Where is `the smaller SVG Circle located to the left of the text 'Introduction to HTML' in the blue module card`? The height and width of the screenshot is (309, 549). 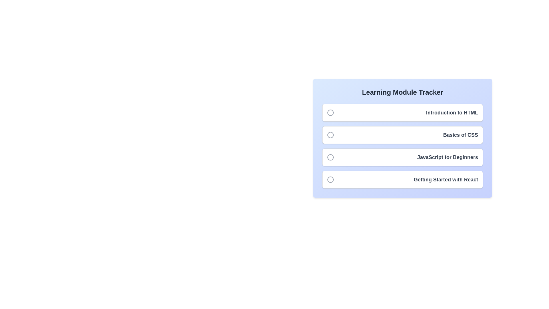
the smaller SVG Circle located to the left of the text 'Introduction to HTML' in the blue module card is located at coordinates (331, 112).